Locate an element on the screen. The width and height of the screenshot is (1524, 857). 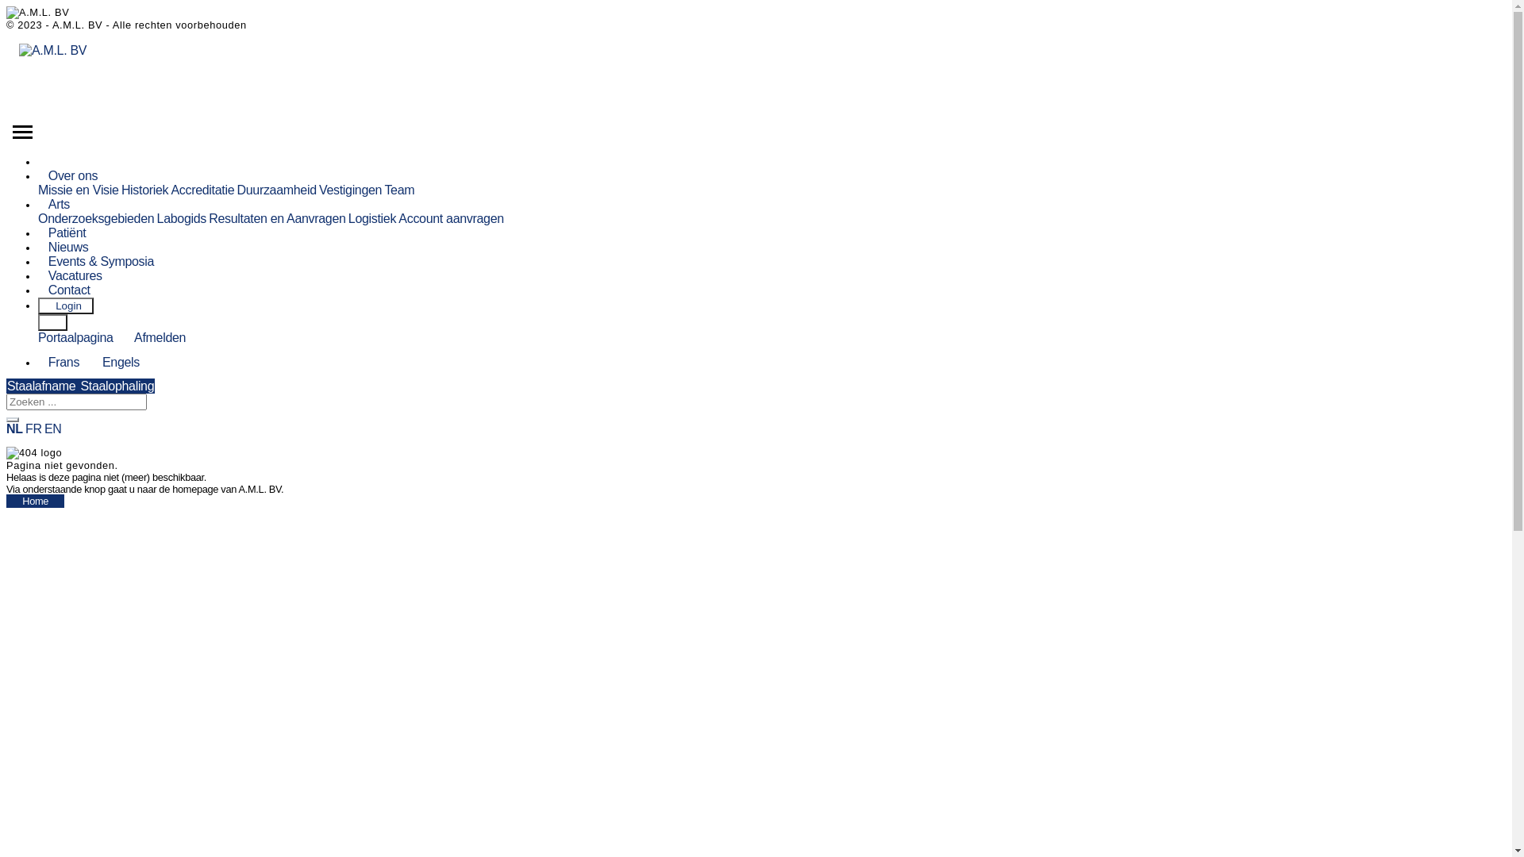
'Accreditatie' is located at coordinates (201, 189).